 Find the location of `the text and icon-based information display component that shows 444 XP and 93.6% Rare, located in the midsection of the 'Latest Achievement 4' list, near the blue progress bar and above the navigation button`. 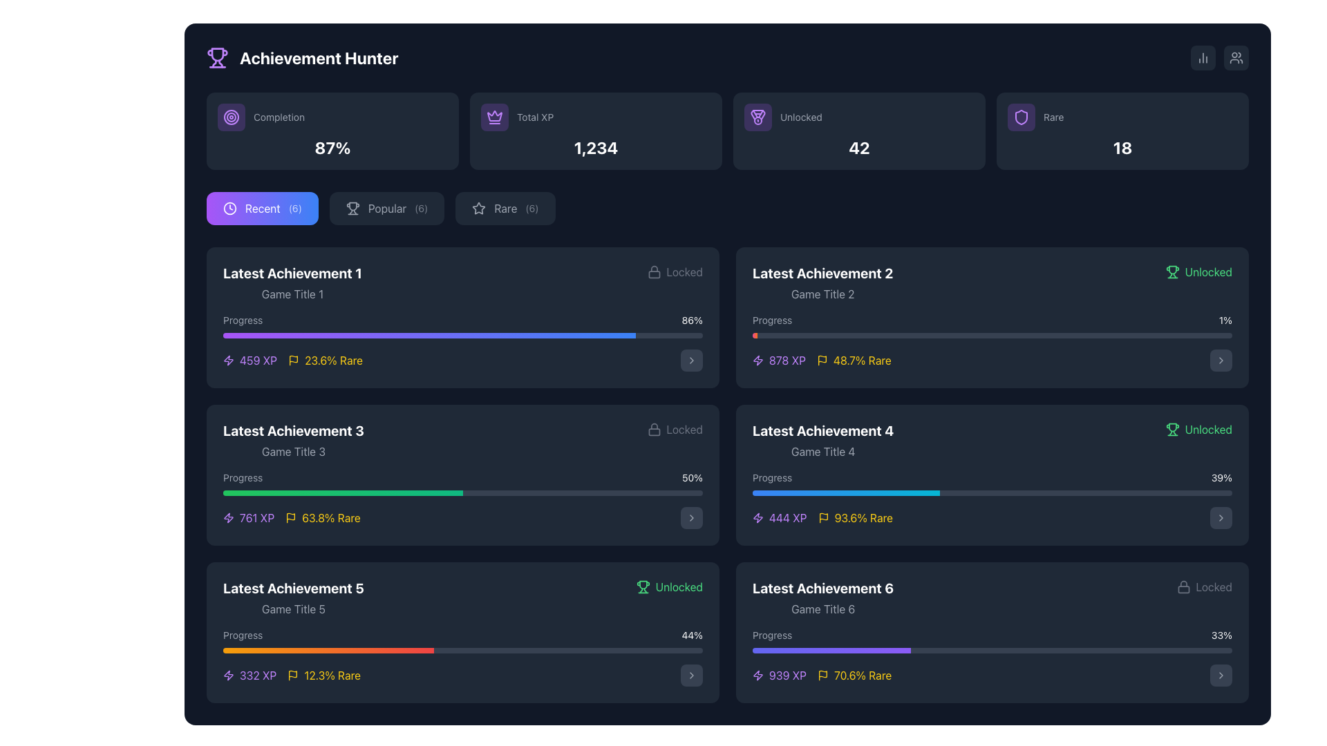

the text and icon-based information display component that shows 444 XP and 93.6% Rare, located in the midsection of the 'Latest Achievement 4' list, near the blue progress bar and above the navigation button is located at coordinates (822, 517).